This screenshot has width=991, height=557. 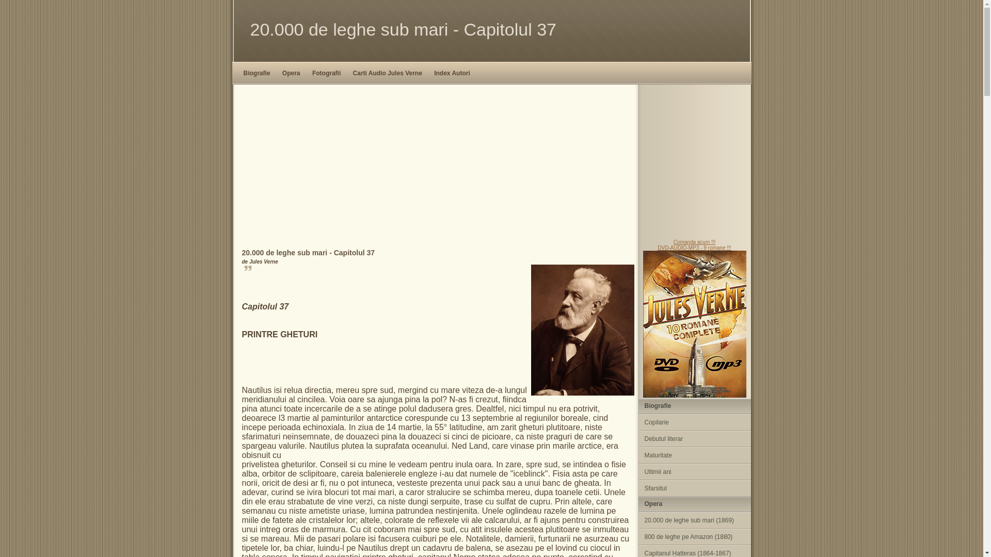 I want to click on 'Maturitate', so click(x=694, y=455).